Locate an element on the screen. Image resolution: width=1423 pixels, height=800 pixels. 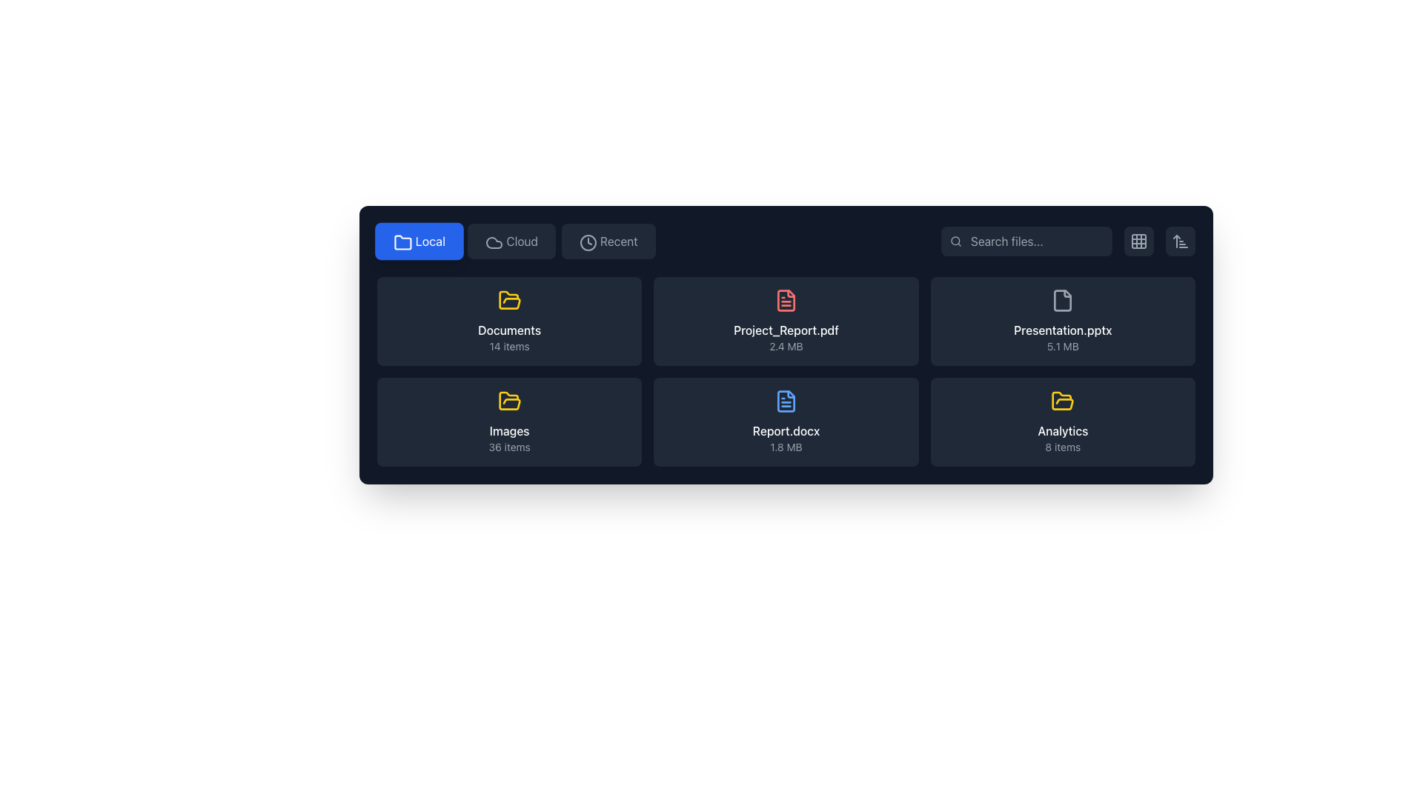
the text label element displaying 'Documents' and '14 items', which is located below the yellow folder icon in the first row and first column of the grid layout is located at coordinates (509, 337).